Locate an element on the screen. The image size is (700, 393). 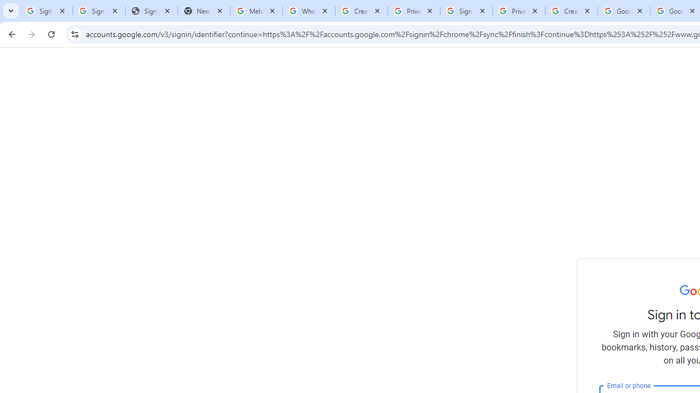
'Sign in - Google Accounts' is located at coordinates (46, 11).